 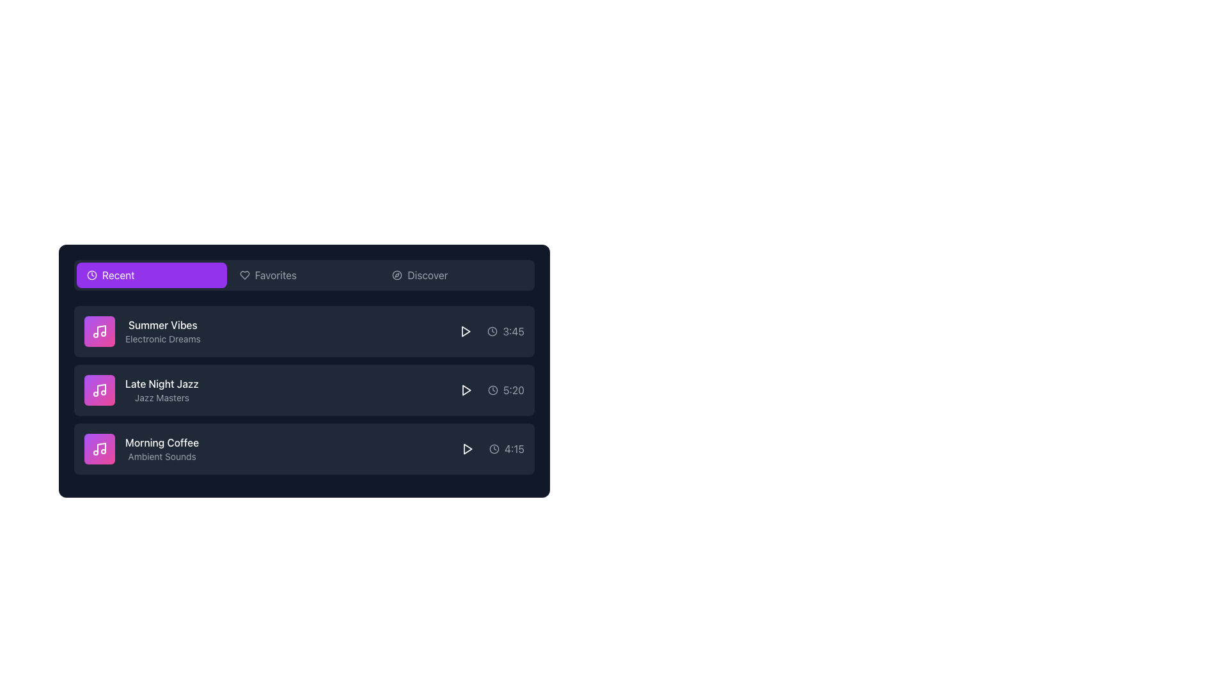 I want to click on the decorative image or icon with a purple to pink gradient background and a white musical note icon, located to the left of the 'Summer Vibes' and 'Electronic Dreams' list items, so click(x=99, y=331).